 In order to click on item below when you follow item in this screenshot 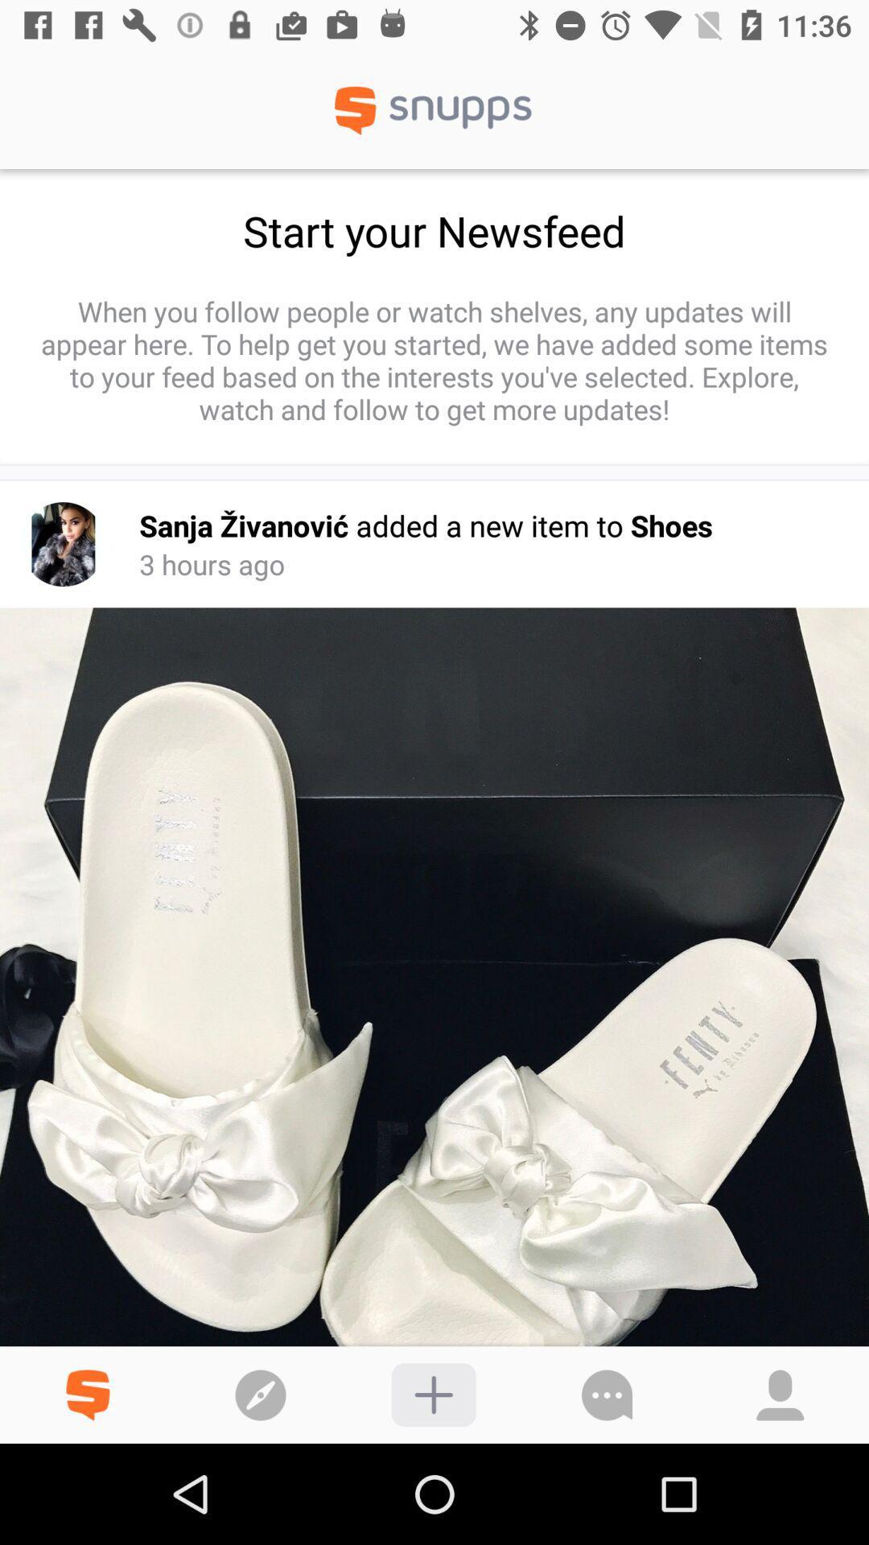, I will do `click(62, 544)`.